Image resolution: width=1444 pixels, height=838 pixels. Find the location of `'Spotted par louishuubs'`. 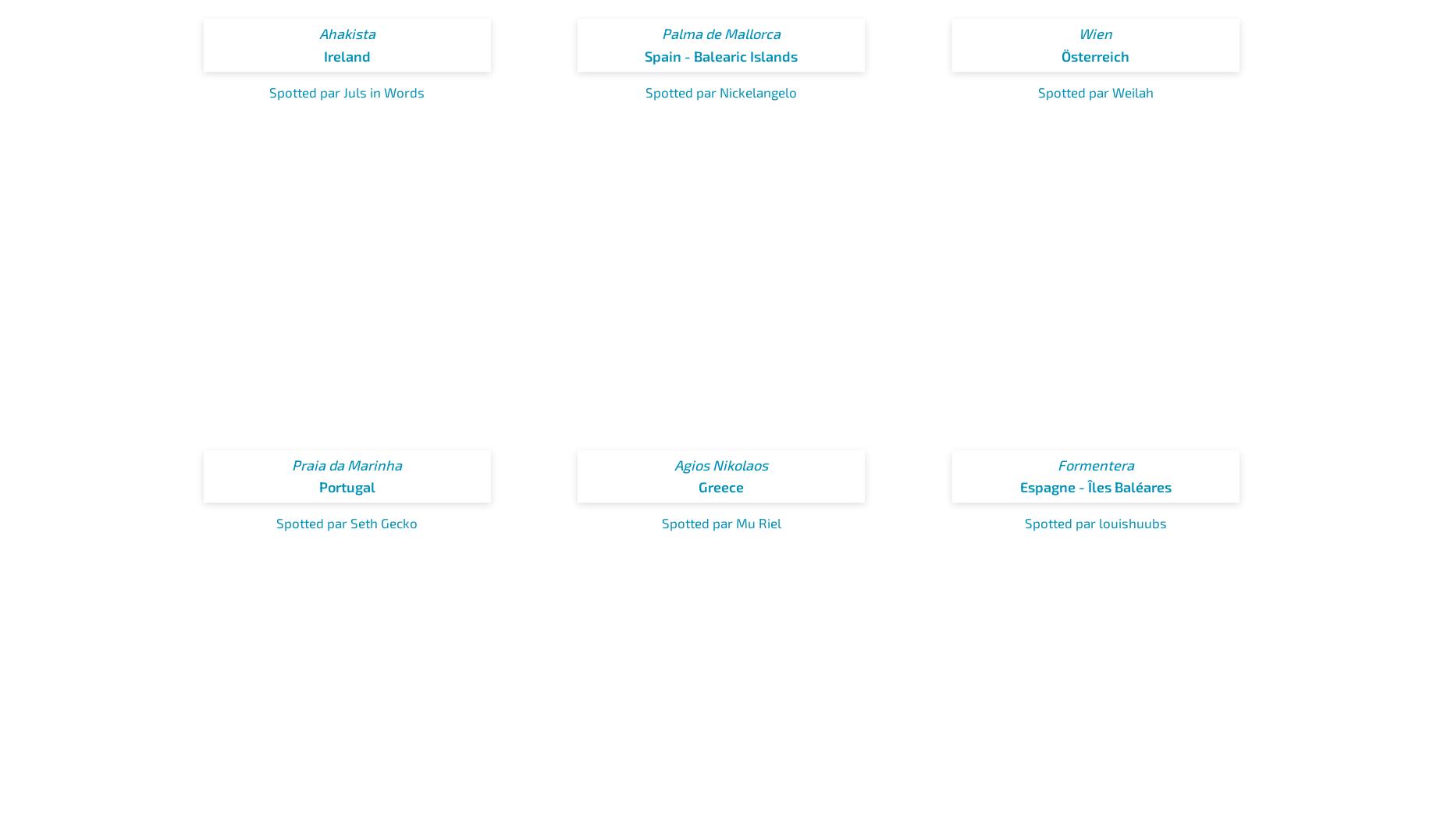

'Spotted par louishuubs' is located at coordinates (1023, 521).